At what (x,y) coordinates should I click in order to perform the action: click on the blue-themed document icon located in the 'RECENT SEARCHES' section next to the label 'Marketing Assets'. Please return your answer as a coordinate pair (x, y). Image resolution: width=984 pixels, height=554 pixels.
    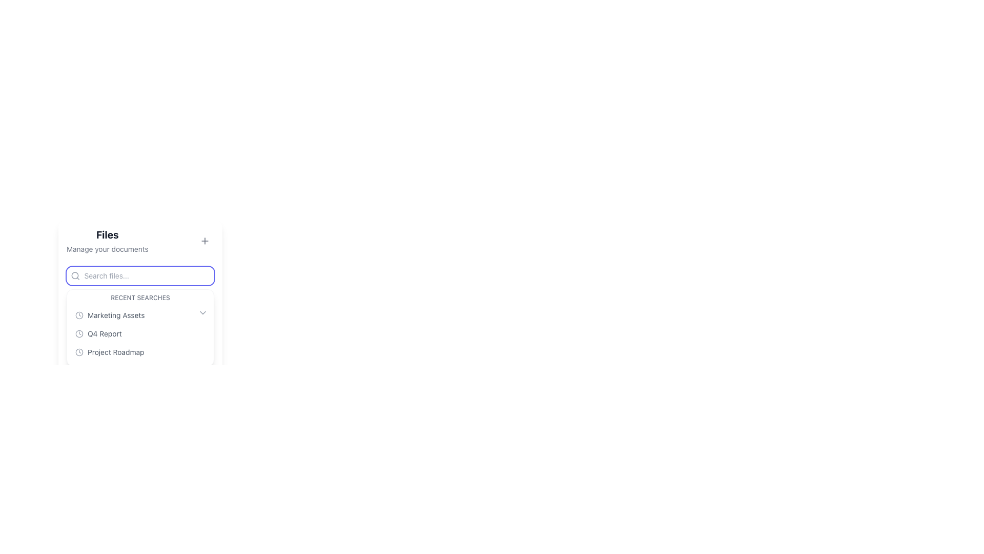
    Looking at the image, I should click on (81, 312).